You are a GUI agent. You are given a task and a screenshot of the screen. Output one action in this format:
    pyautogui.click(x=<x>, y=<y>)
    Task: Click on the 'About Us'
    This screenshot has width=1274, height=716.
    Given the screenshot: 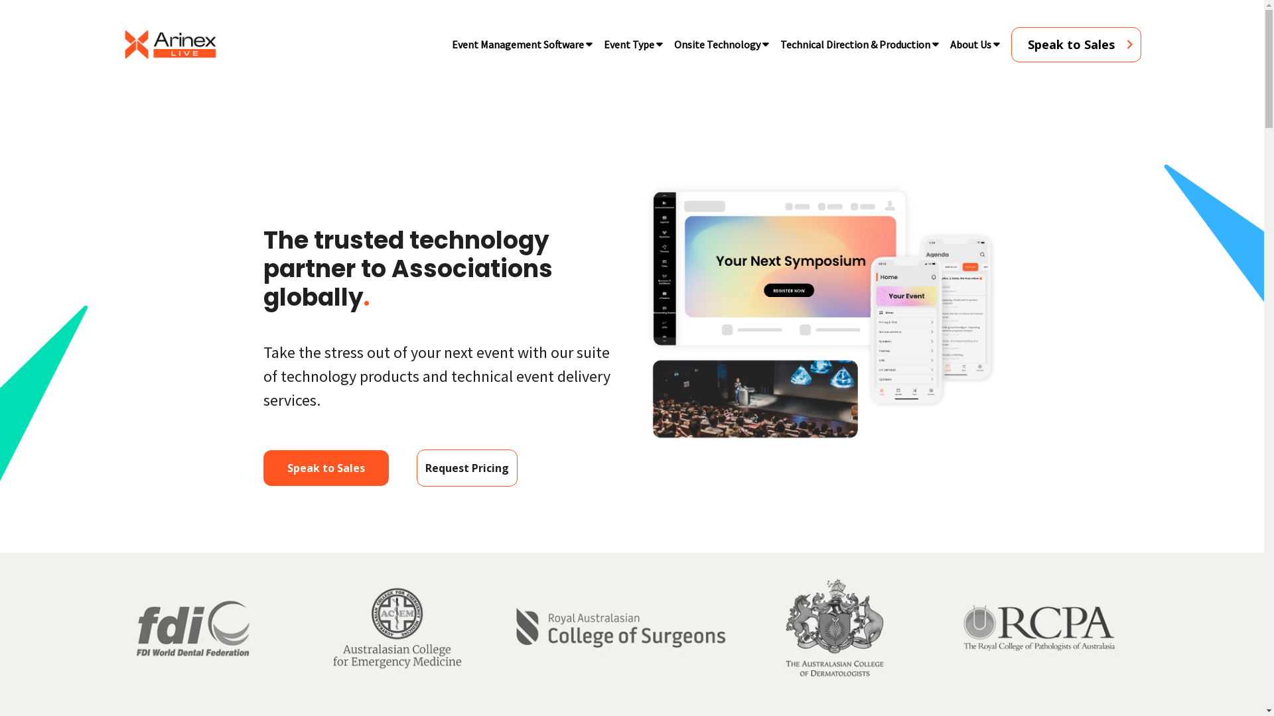 What is the action you would take?
    pyautogui.click(x=970, y=43)
    